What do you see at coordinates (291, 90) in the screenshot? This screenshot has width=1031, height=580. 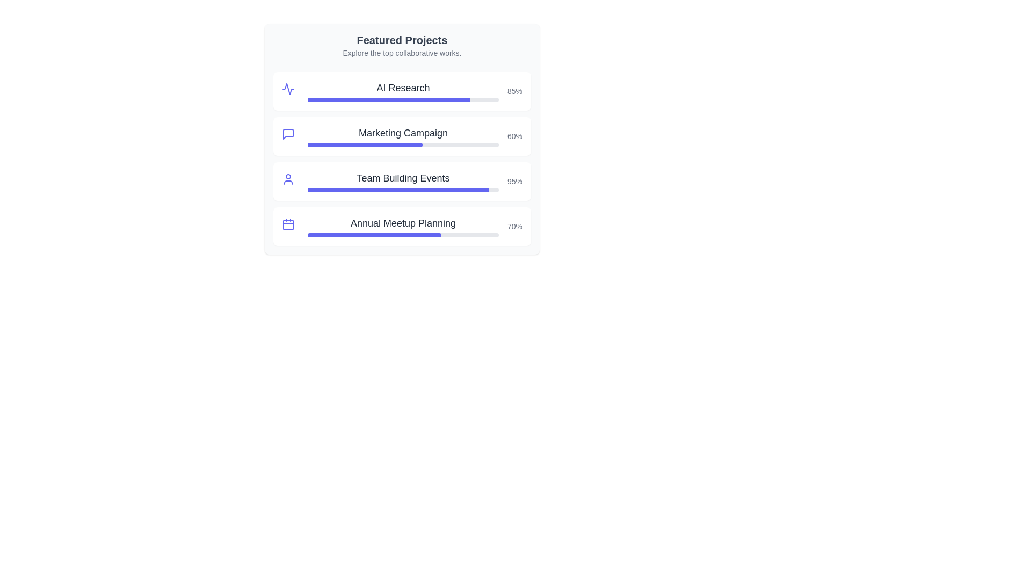 I see `the project icon for AI Research to reveal additional information` at bounding box center [291, 90].